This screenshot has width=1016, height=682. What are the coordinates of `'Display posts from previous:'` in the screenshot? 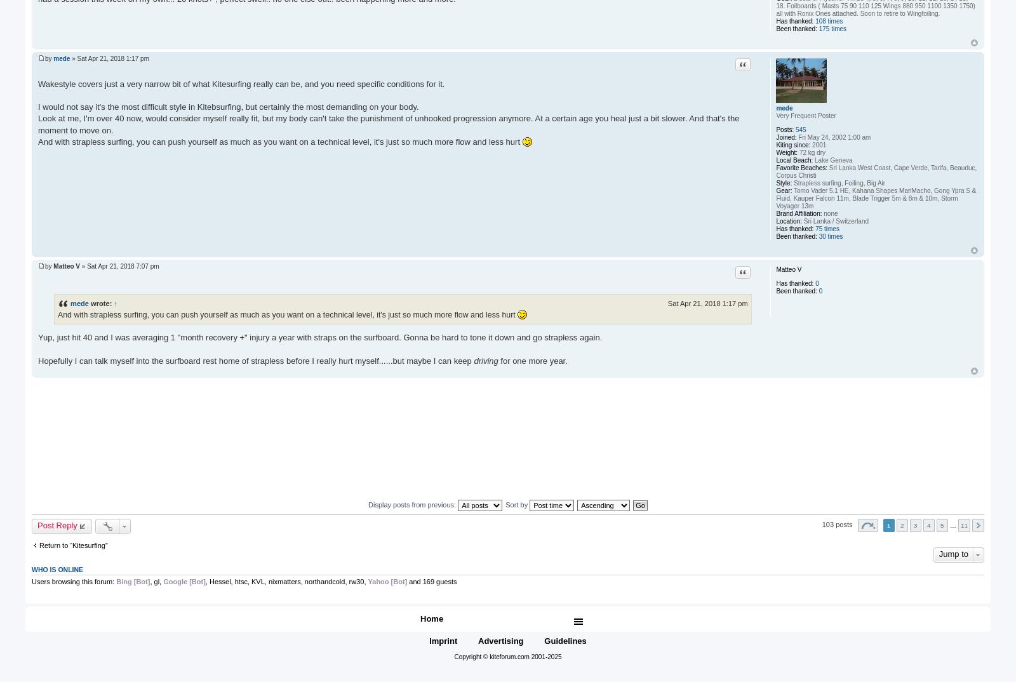 It's located at (413, 504).